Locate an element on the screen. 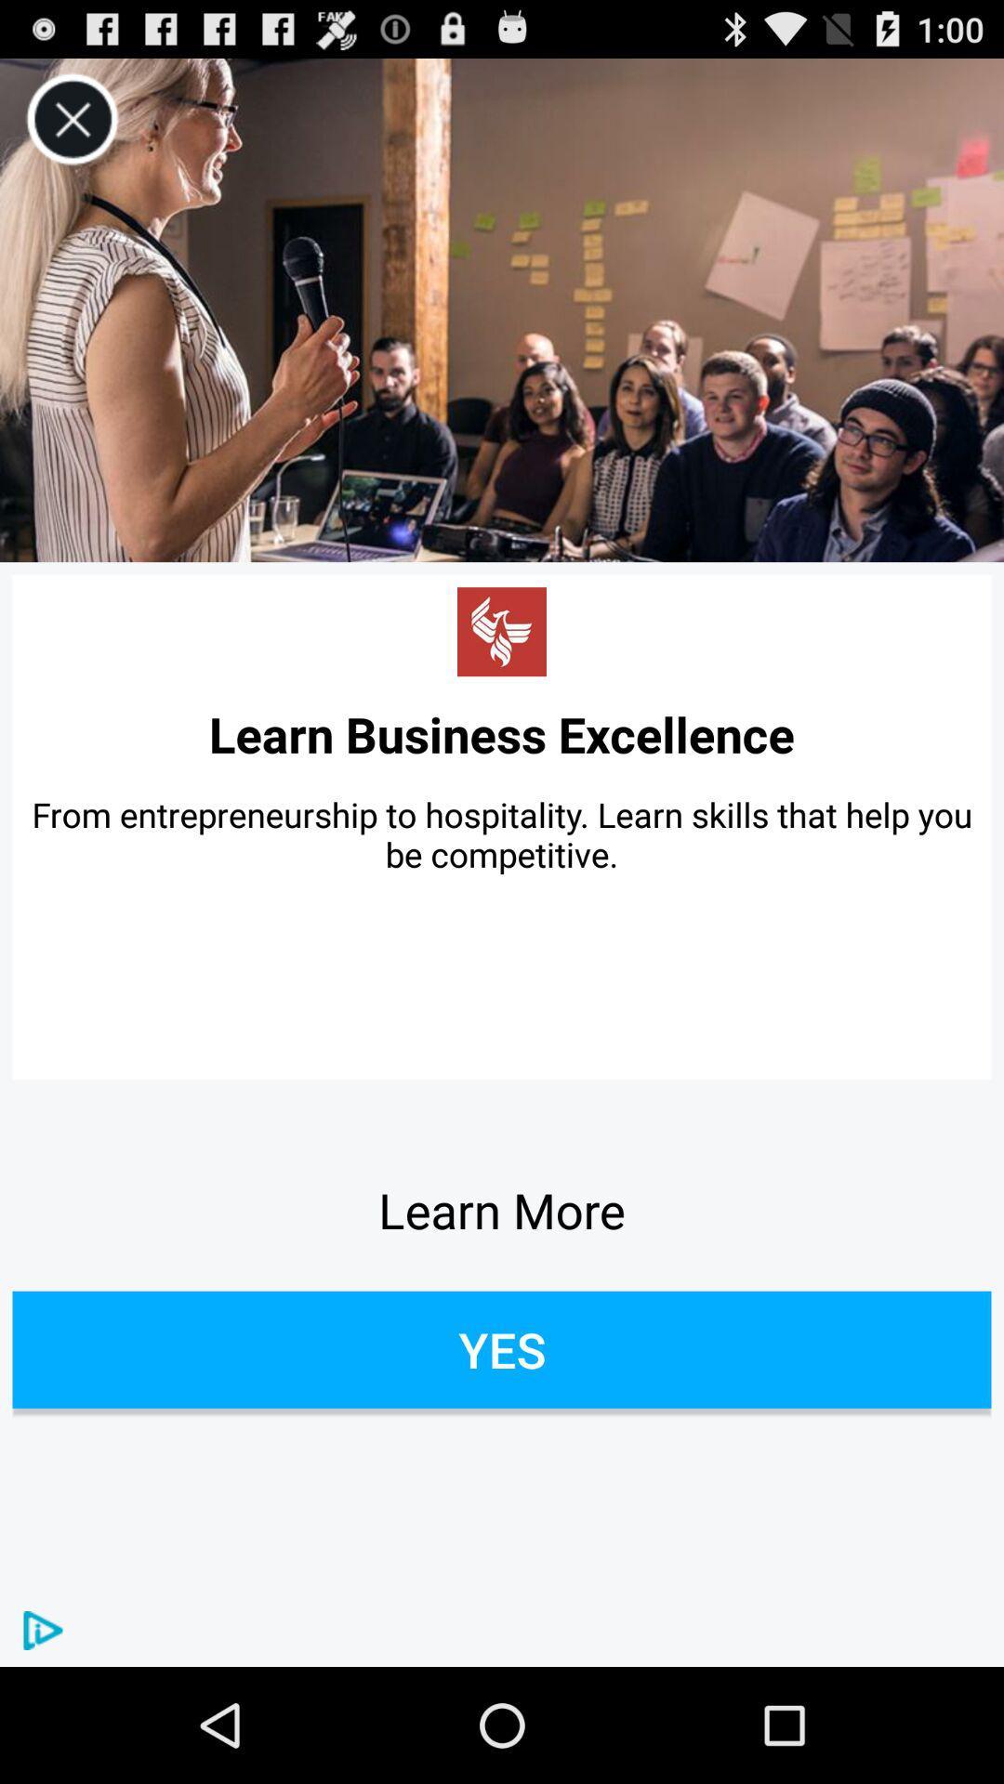 Image resolution: width=1004 pixels, height=1784 pixels. from entrepreneurship to is located at coordinates (502, 833).